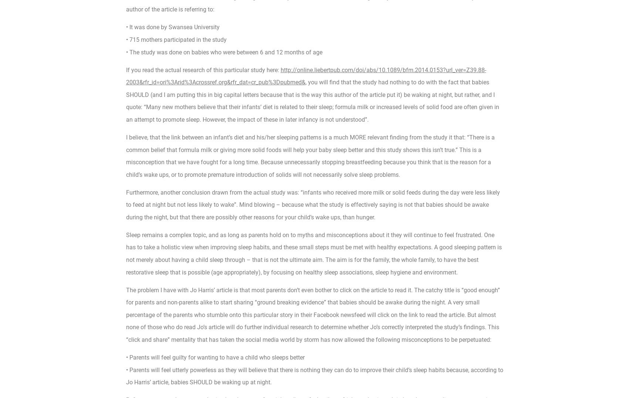 The height and width of the screenshot is (398, 629). I want to click on 'Furthermore, another conclusion drawn from the actual study was: “infants who received more milk or solid feeds during the day were less likely to feed at night but not less likely to wake”. Mind blowing – because what the study is effectively saying is not that babies should be awake during the night, but that there are possibly other reasons for your child’s wake ups, than hunger.', so click(126, 204).